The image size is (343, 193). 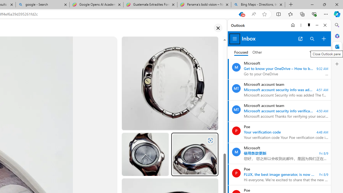 What do you see at coordinates (248, 52) in the screenshot?
I see `'Focused Inbox, toggle to go to Other Inbox'` at bounding box center [248, 52].